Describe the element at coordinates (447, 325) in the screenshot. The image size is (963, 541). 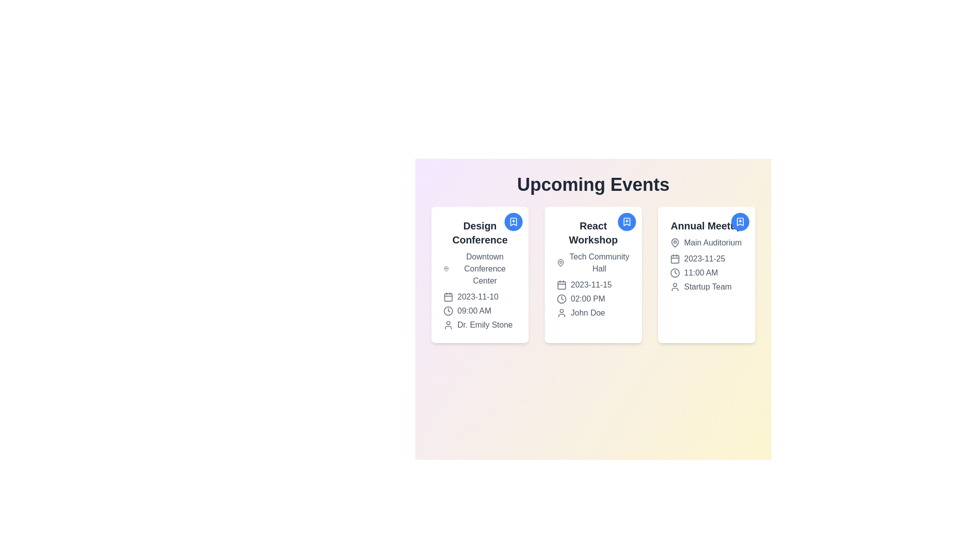
I see `the graphic icon representing Dr. Emily Stone's profile, located to the left of the text within the Design Conference event section` at that location.